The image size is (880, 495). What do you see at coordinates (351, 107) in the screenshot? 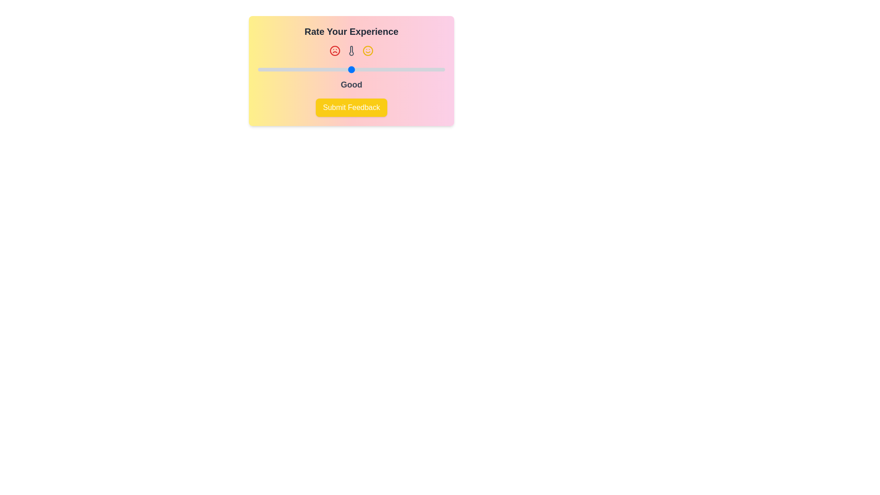
I see `the 'Submit Feedback' button` at bounding box center [351, 107].